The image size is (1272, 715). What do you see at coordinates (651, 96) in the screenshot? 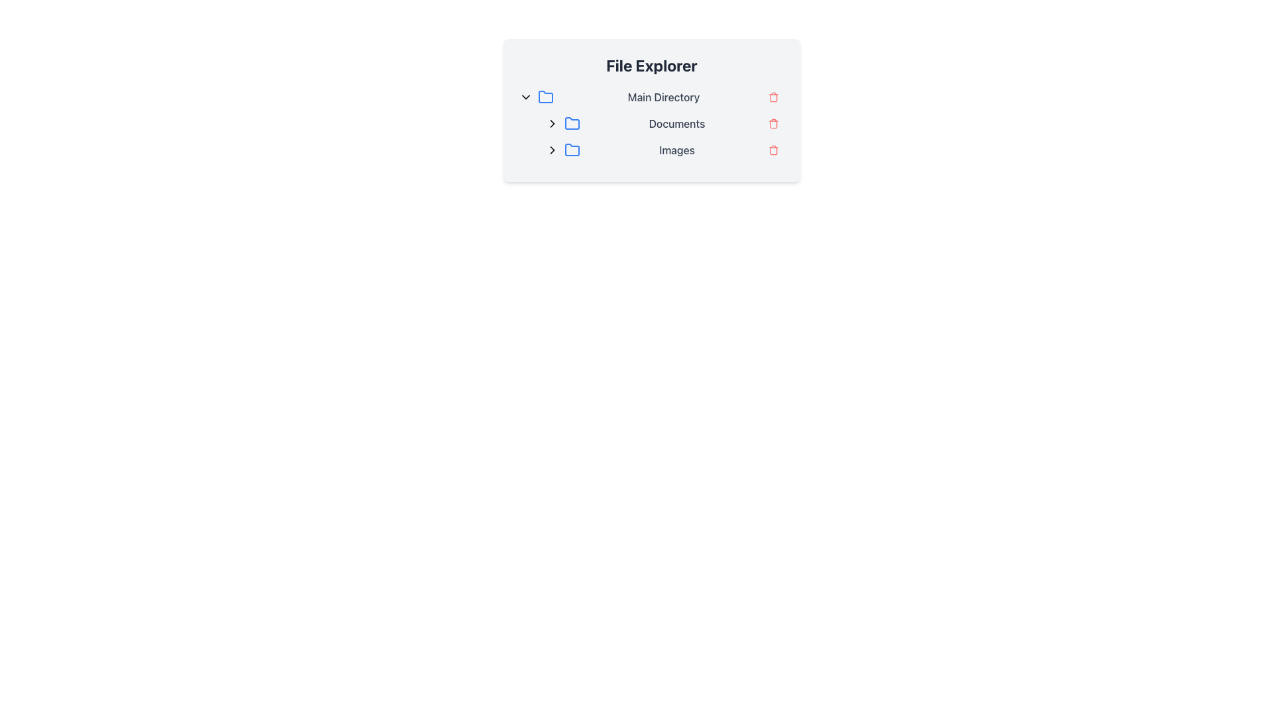
I see `the 'Main Directory' list item` at bounding box center [651, 96].